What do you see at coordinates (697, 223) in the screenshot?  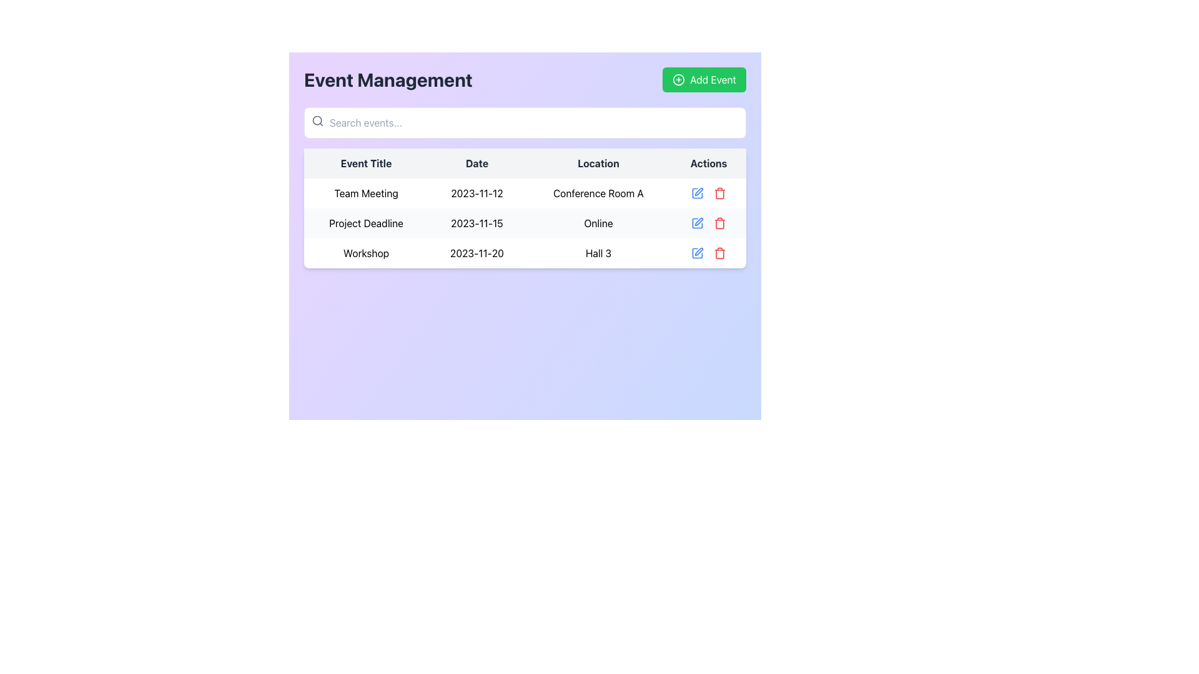 I see `the edit button in the Actions column of the second row associated with the 'Project Deadline' entry to change its color` at bounding box center [697, 223].